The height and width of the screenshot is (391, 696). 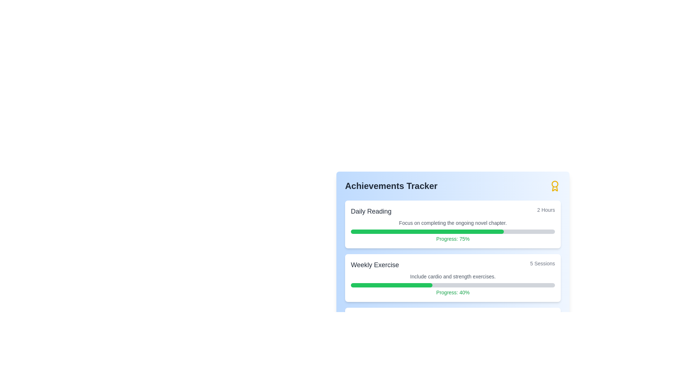 What do you see at coordinates (542, 265) in the screenshot?
I see `the static text displaying the count of sessions related to the 'Weekly Exercise' section, located on the right side of the 'Weekly Exercise' text in the 'Achievements Tracker' panel` at bounding box center [542, 265].